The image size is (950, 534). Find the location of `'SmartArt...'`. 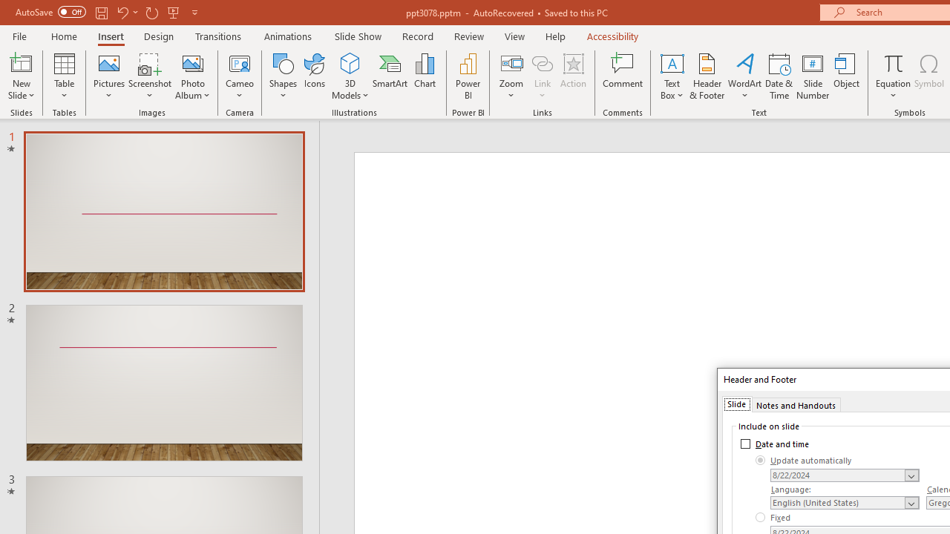

'SmartArt...' is located at coordinates (390, 76).